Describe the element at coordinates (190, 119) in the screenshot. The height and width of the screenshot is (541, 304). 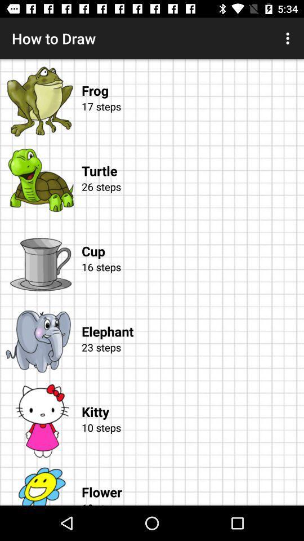
I see `the 17 steps item` at that location.